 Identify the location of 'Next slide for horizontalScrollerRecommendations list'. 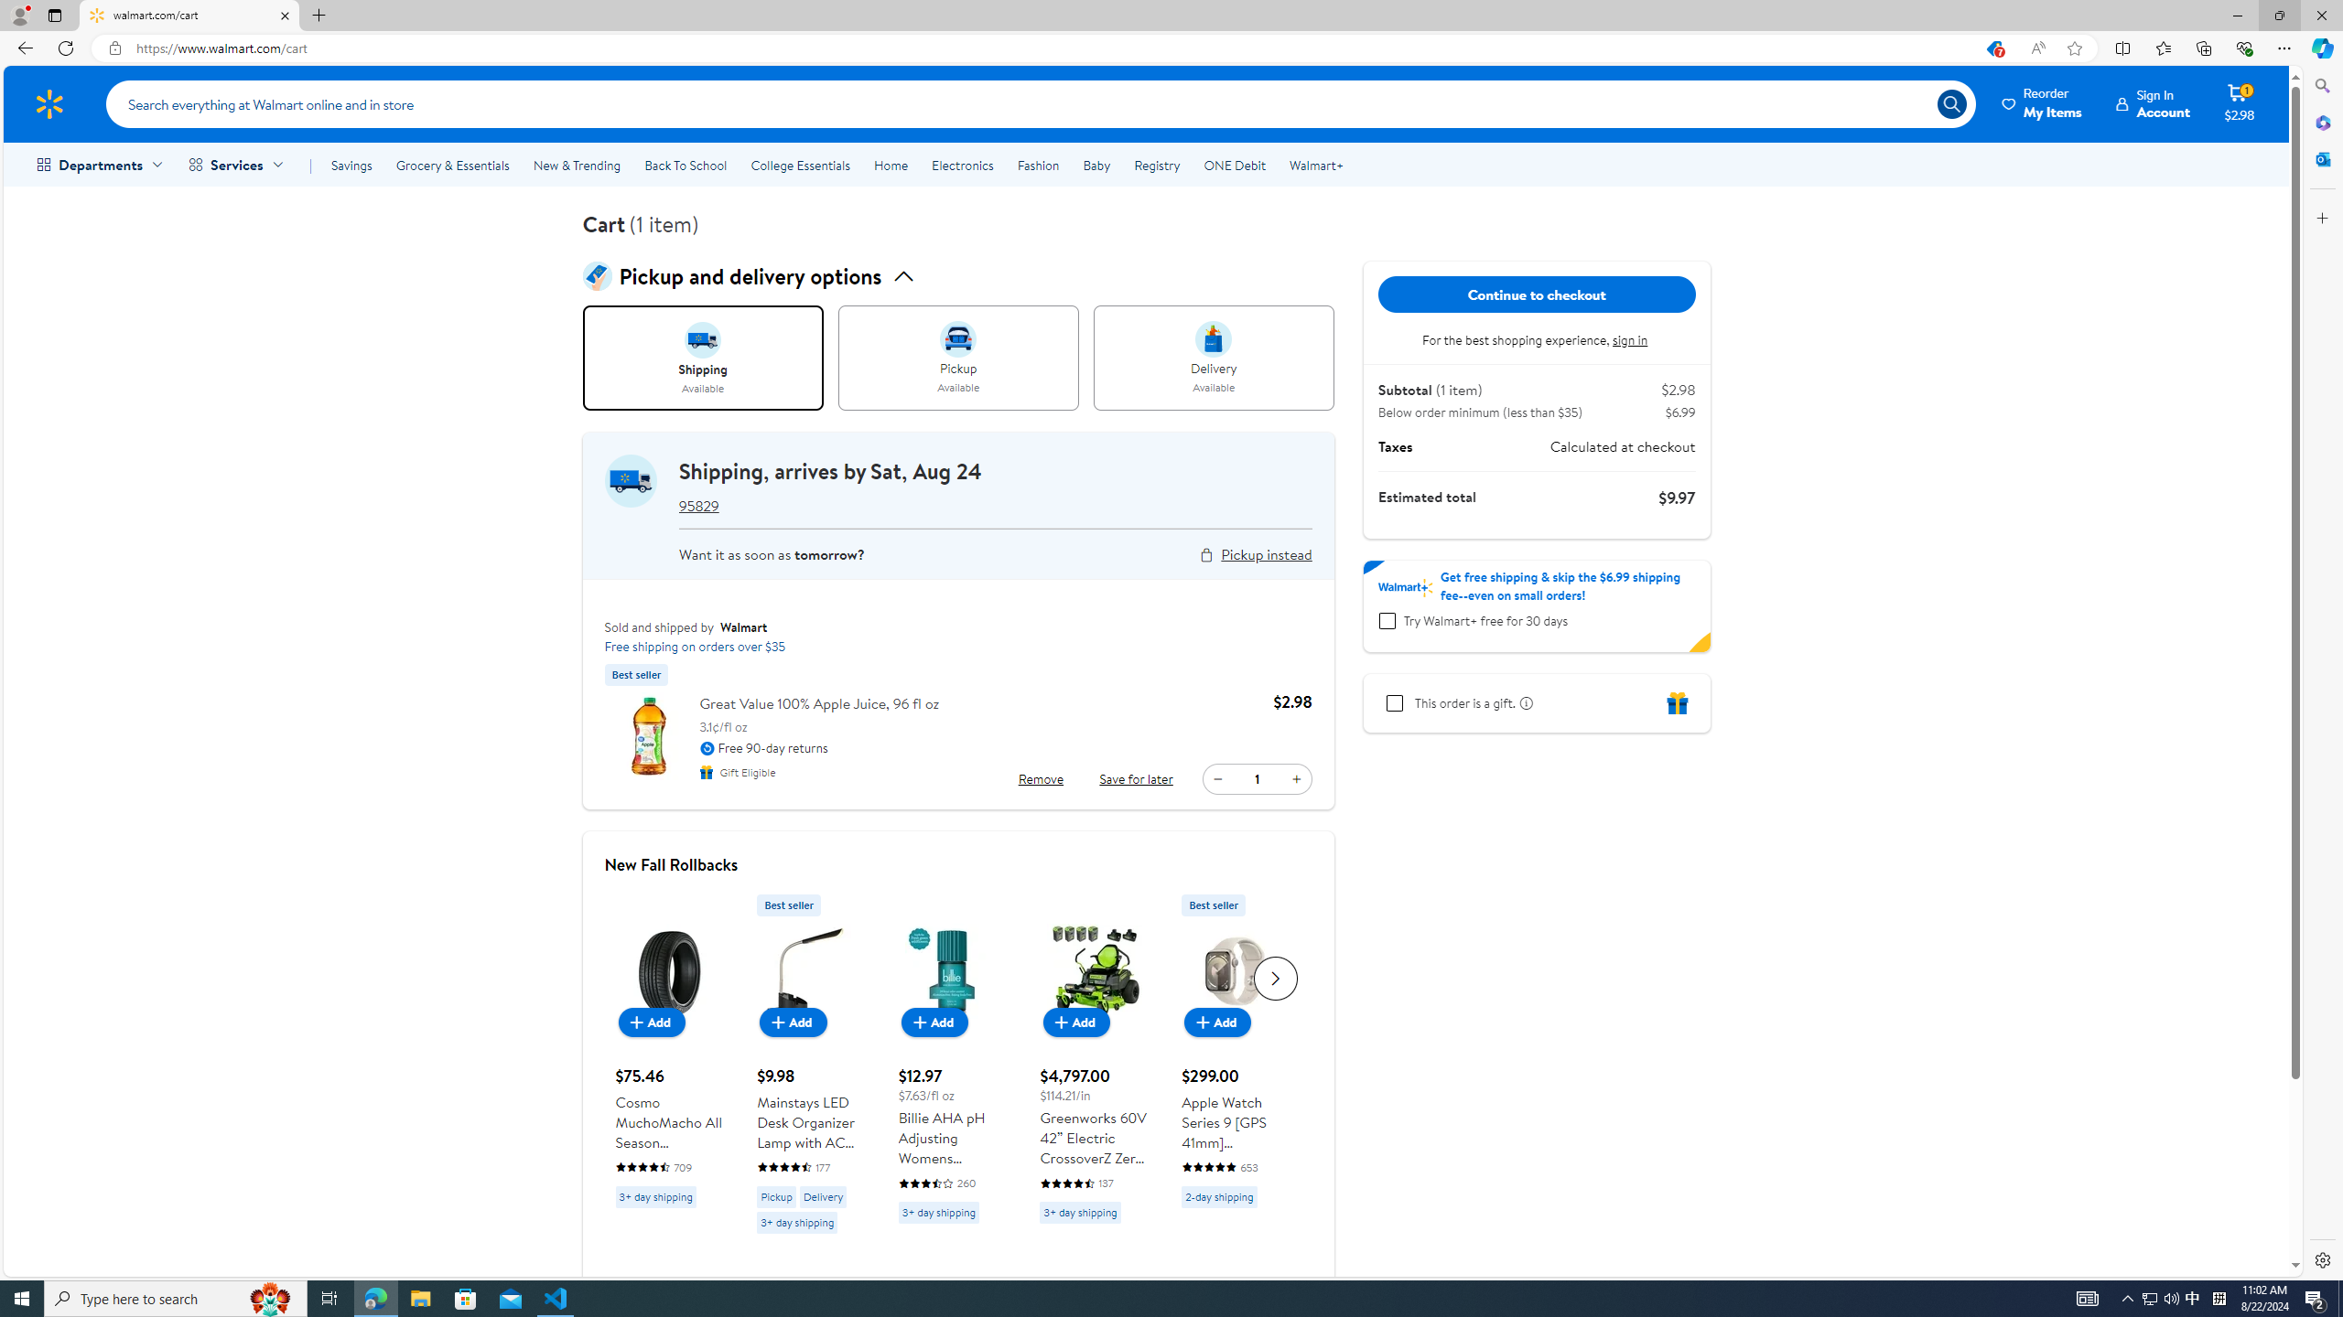
(1275, 977).